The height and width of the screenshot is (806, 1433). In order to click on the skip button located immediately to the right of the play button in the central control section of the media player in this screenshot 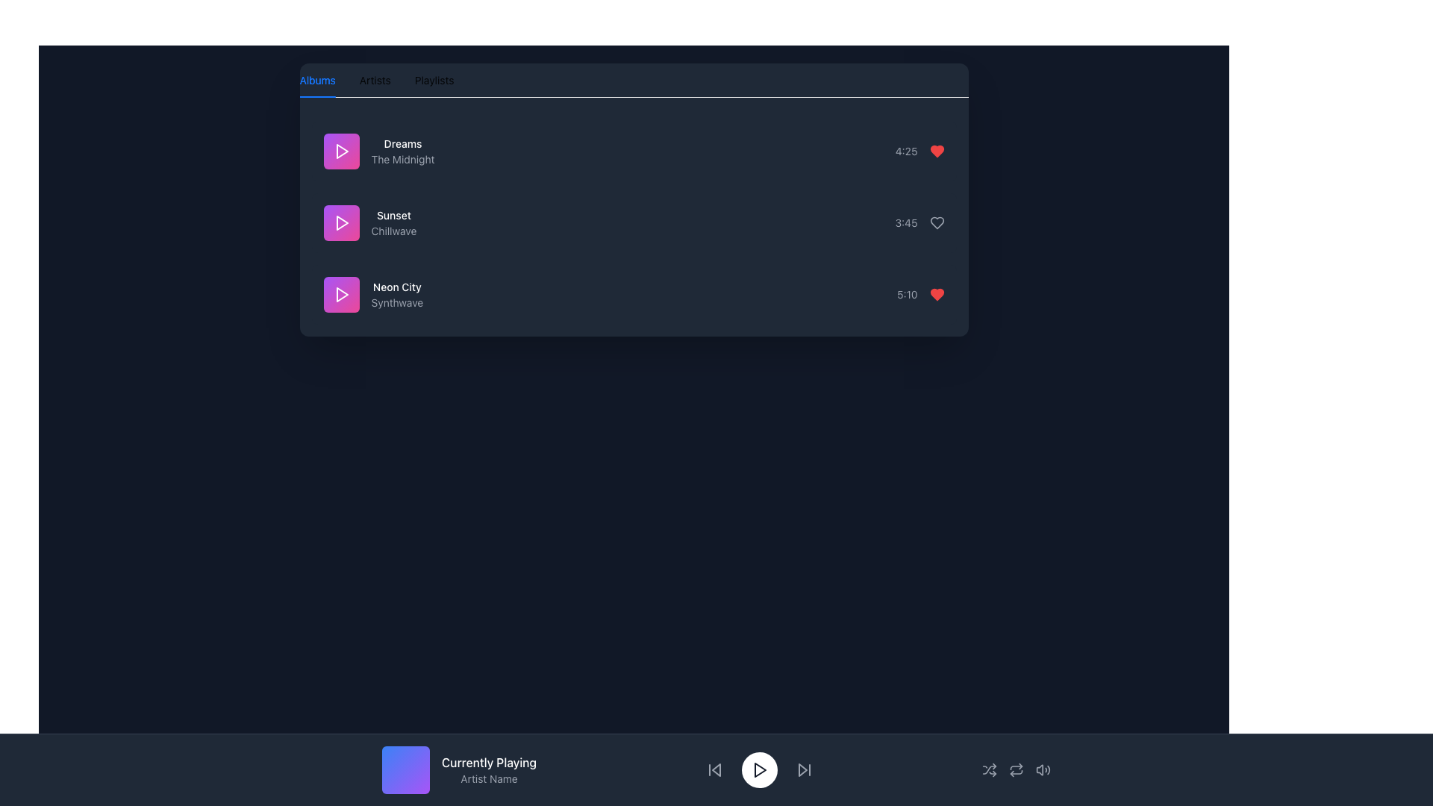, I will do `click(803, 770)`.